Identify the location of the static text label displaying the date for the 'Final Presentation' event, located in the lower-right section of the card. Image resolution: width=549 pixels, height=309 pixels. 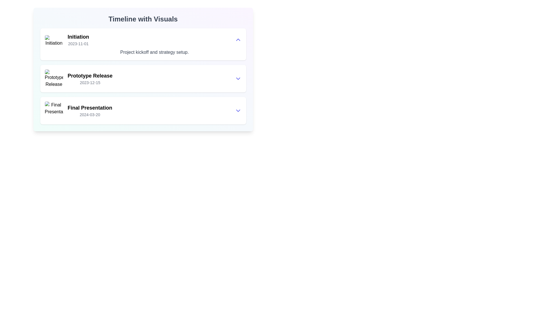
(89, 115).